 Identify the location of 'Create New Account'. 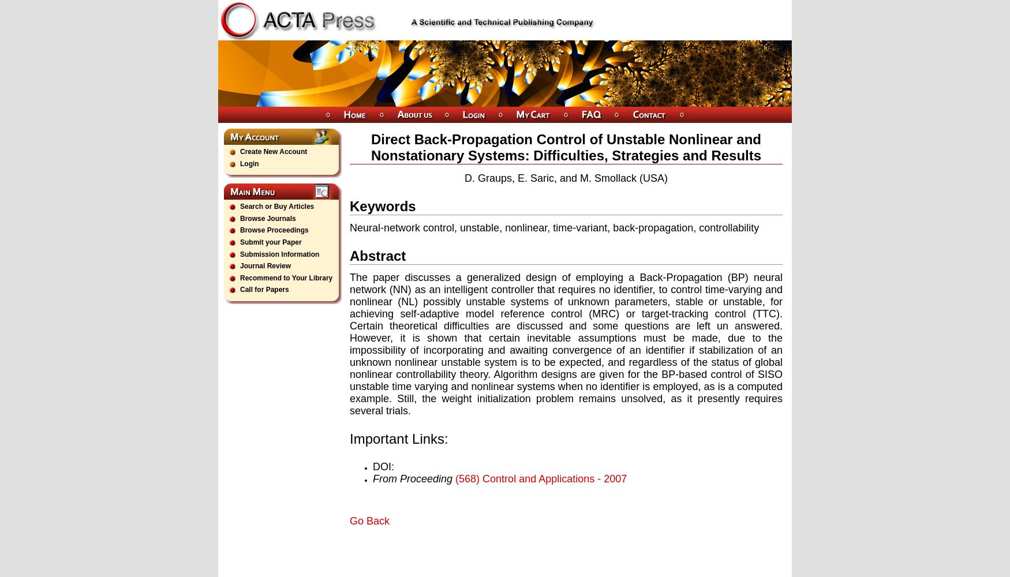
(274, 152).